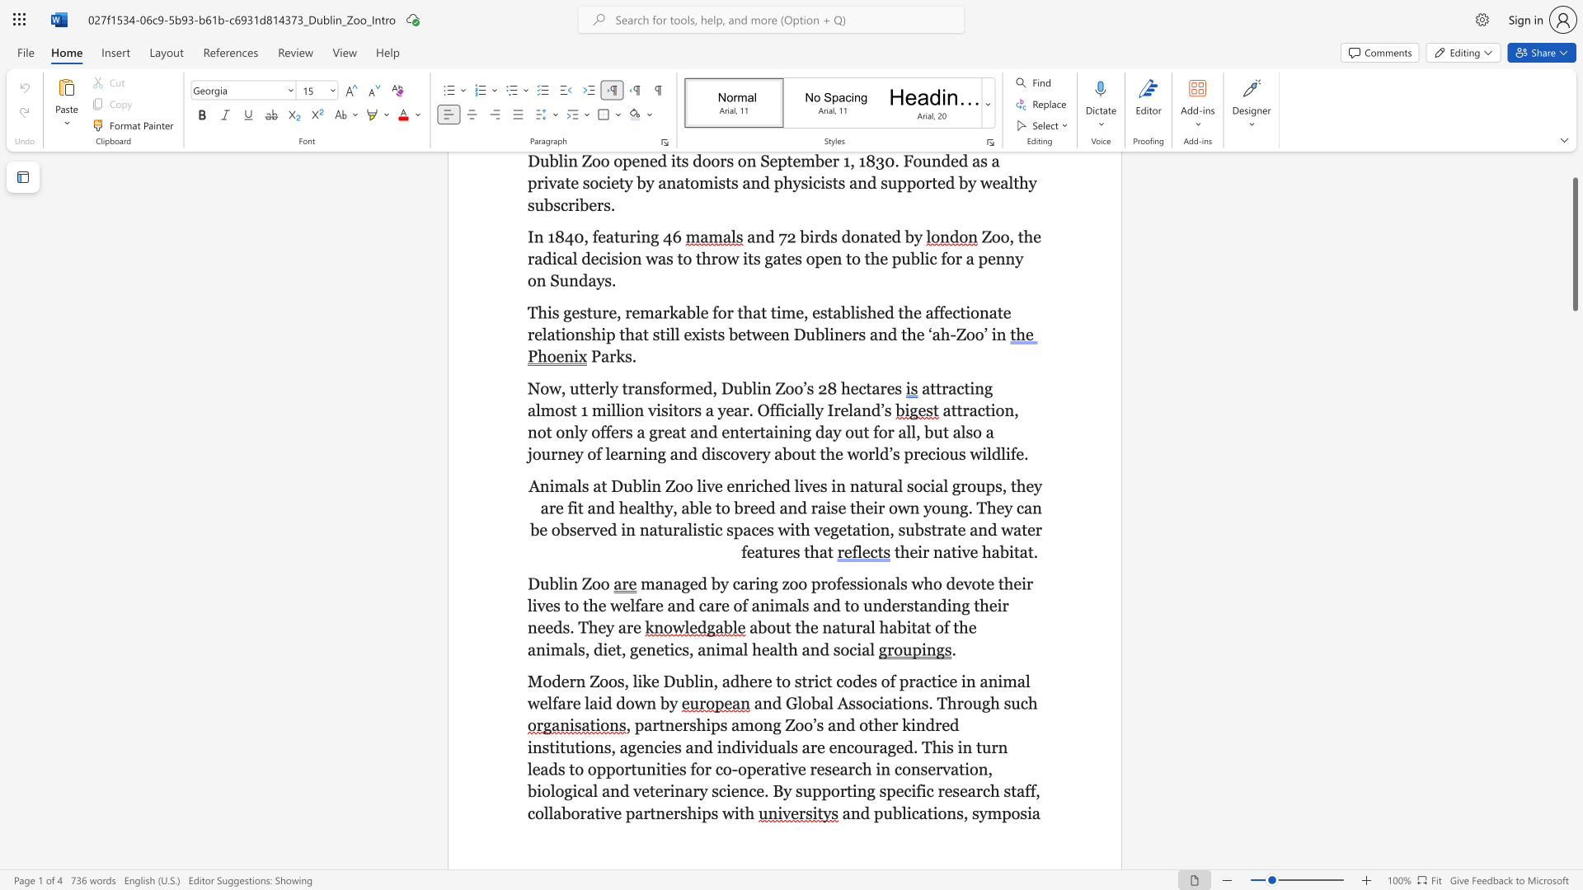 This screenshot has width=1583, height=890. Describe the element at coordinates (963, 703) in the screenshot. I see `the subset text "ough" within the text "and Global Associations. Through such"` at that location.